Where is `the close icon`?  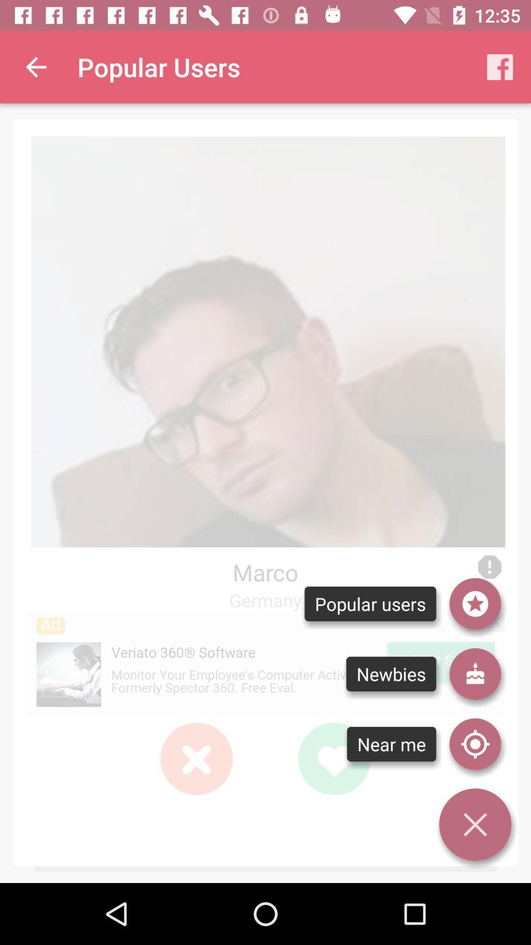 the close icon is located at coordinates (474, 824).